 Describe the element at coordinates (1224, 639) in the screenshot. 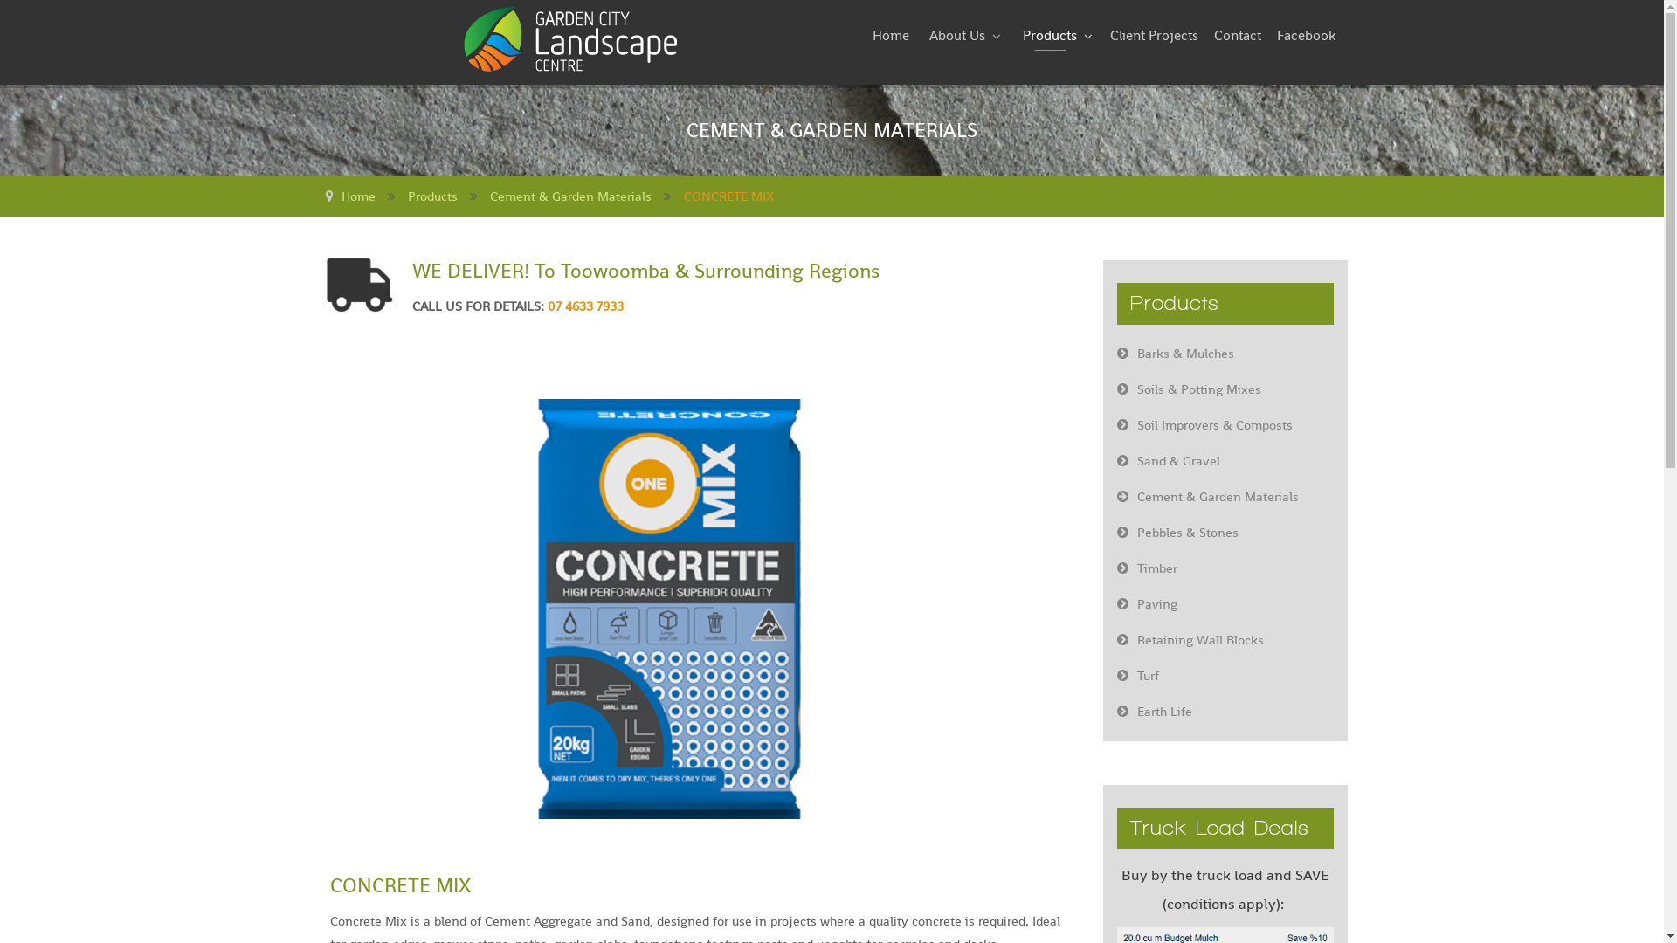

I see `'Retaining Wall Blocks'` at that location.